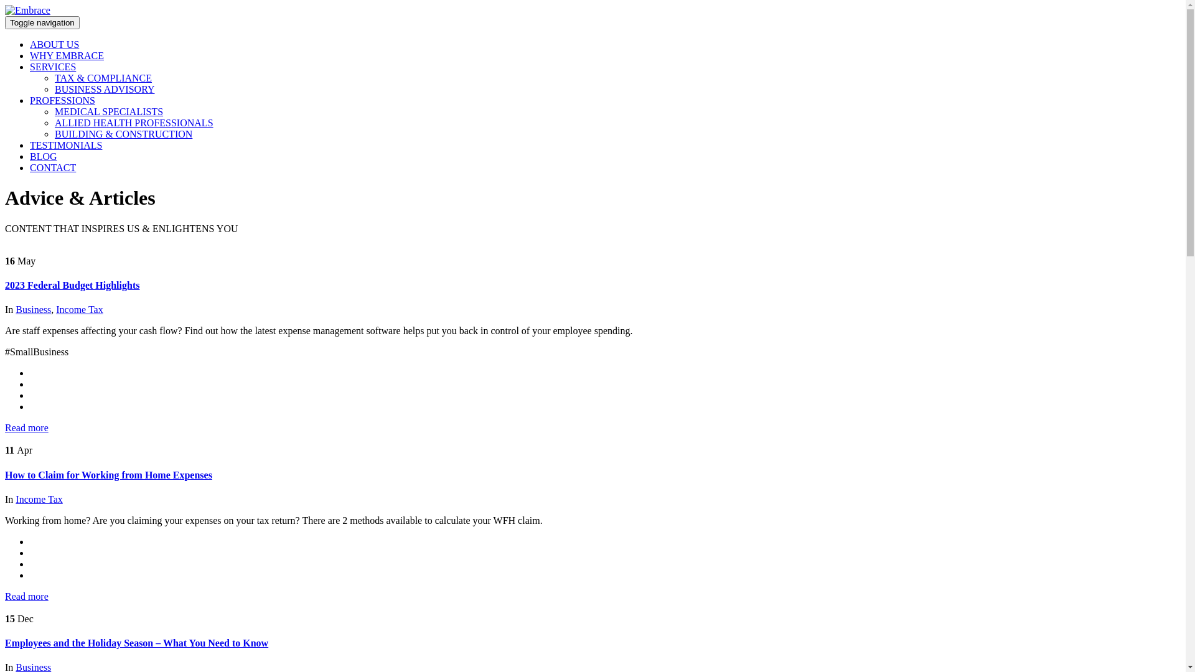 The image size is (1195, 672). What do you see at coordinates (5, 595) in the screenshot?
I see `'Read more'` at bounding box center [5, 595].